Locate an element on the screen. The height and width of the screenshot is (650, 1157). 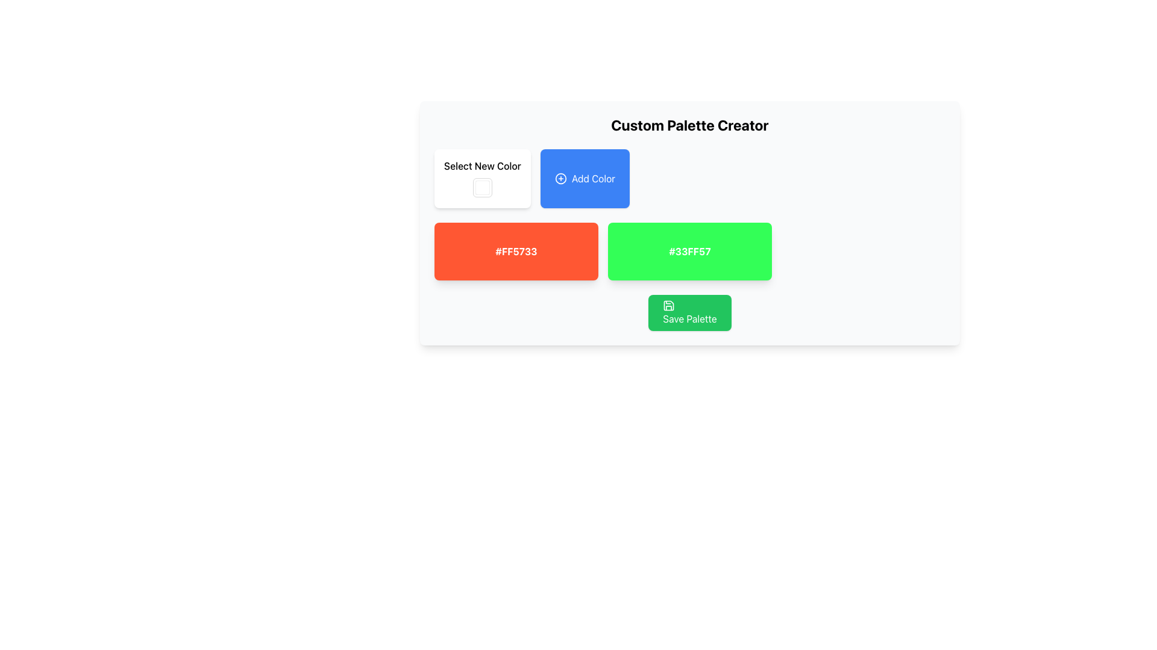
the Color display block with the green background and white text '#33FF57' is located at coordinates (690, 223).